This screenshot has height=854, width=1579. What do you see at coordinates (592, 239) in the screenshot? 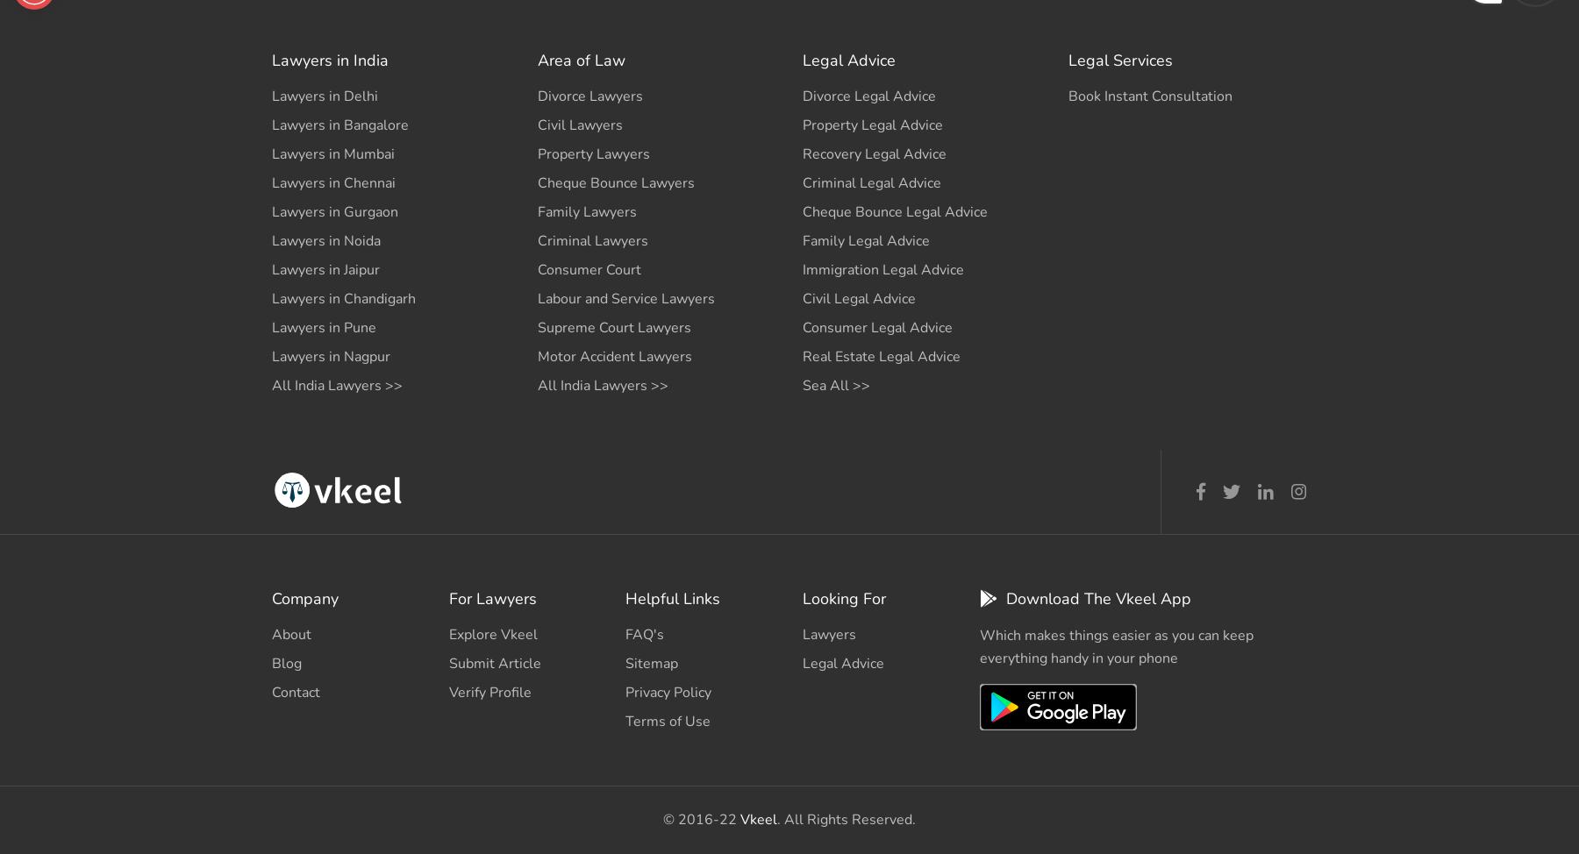
I see `'Criminal Lawyers'` at bounding box center [592, 239].